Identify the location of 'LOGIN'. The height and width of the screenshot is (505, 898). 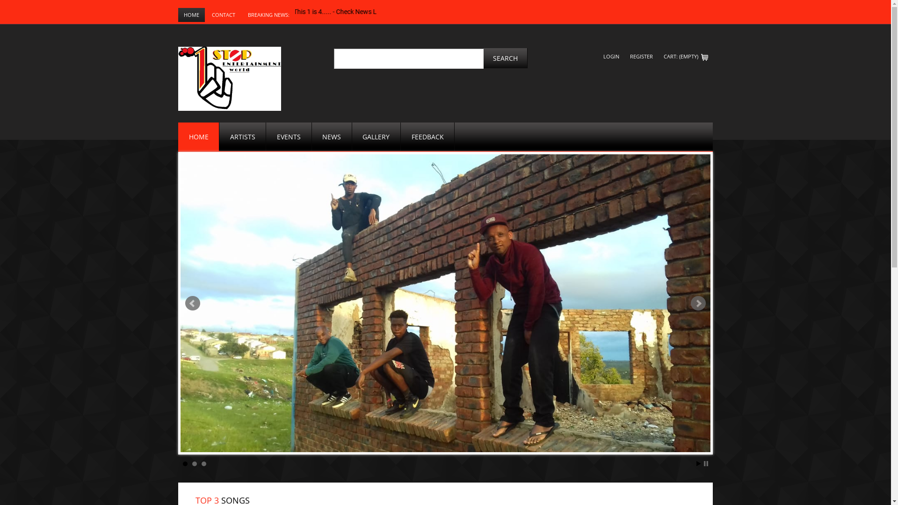
(599, 56).